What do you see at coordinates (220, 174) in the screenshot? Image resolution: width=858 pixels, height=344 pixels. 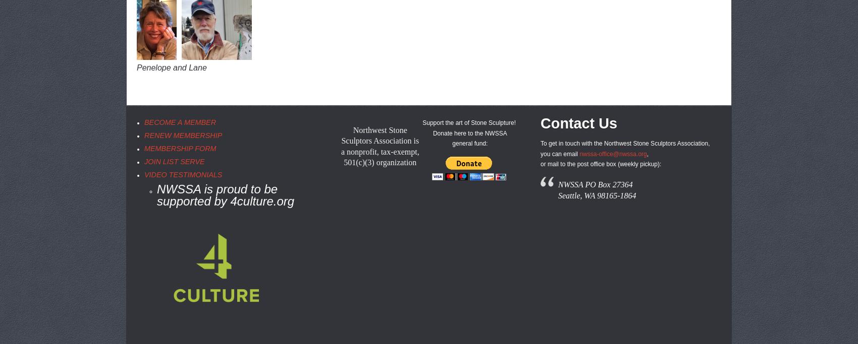 I see `'S'` at bounding box center [220, 174].